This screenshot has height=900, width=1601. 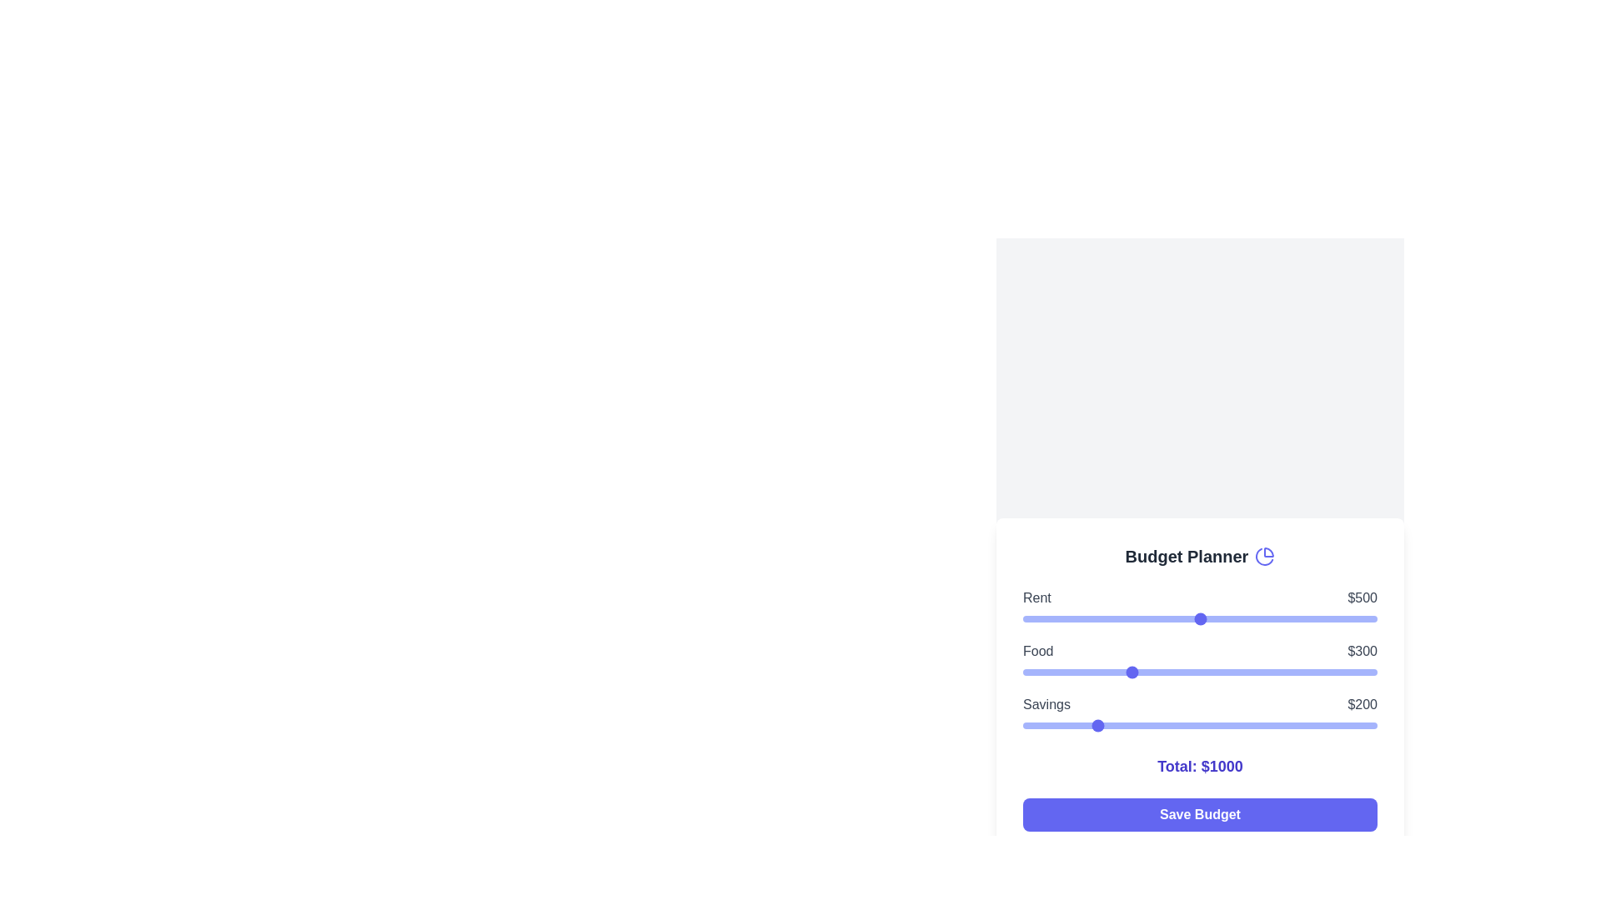 I want to click on the rent budget slider to 812, so click(x=1310, y=619).